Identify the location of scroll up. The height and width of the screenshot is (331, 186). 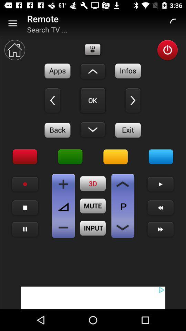
(93, 71).